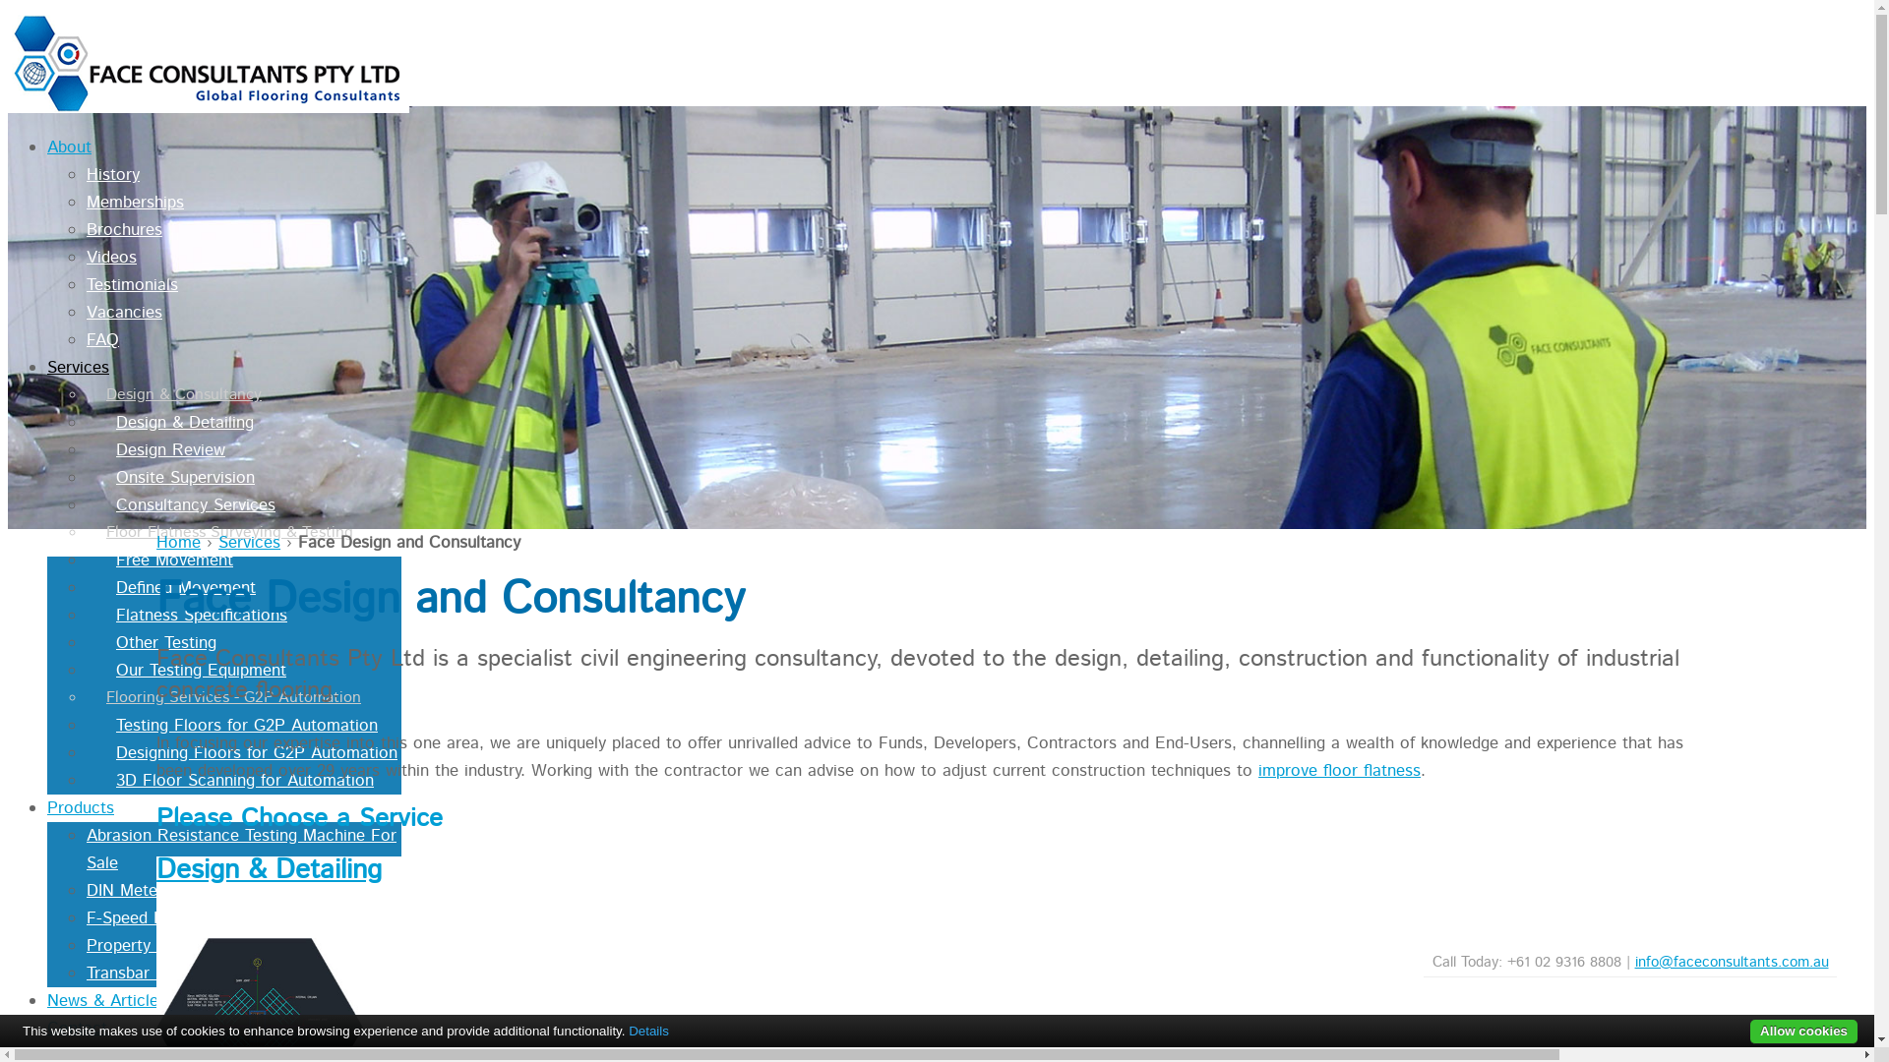 This screenshot has width=1889, height=1062. What do you see at coordinates (186, 670) in the screenshot?
I see `'Our Testing Equipment'` at bounding box center [186, 670].